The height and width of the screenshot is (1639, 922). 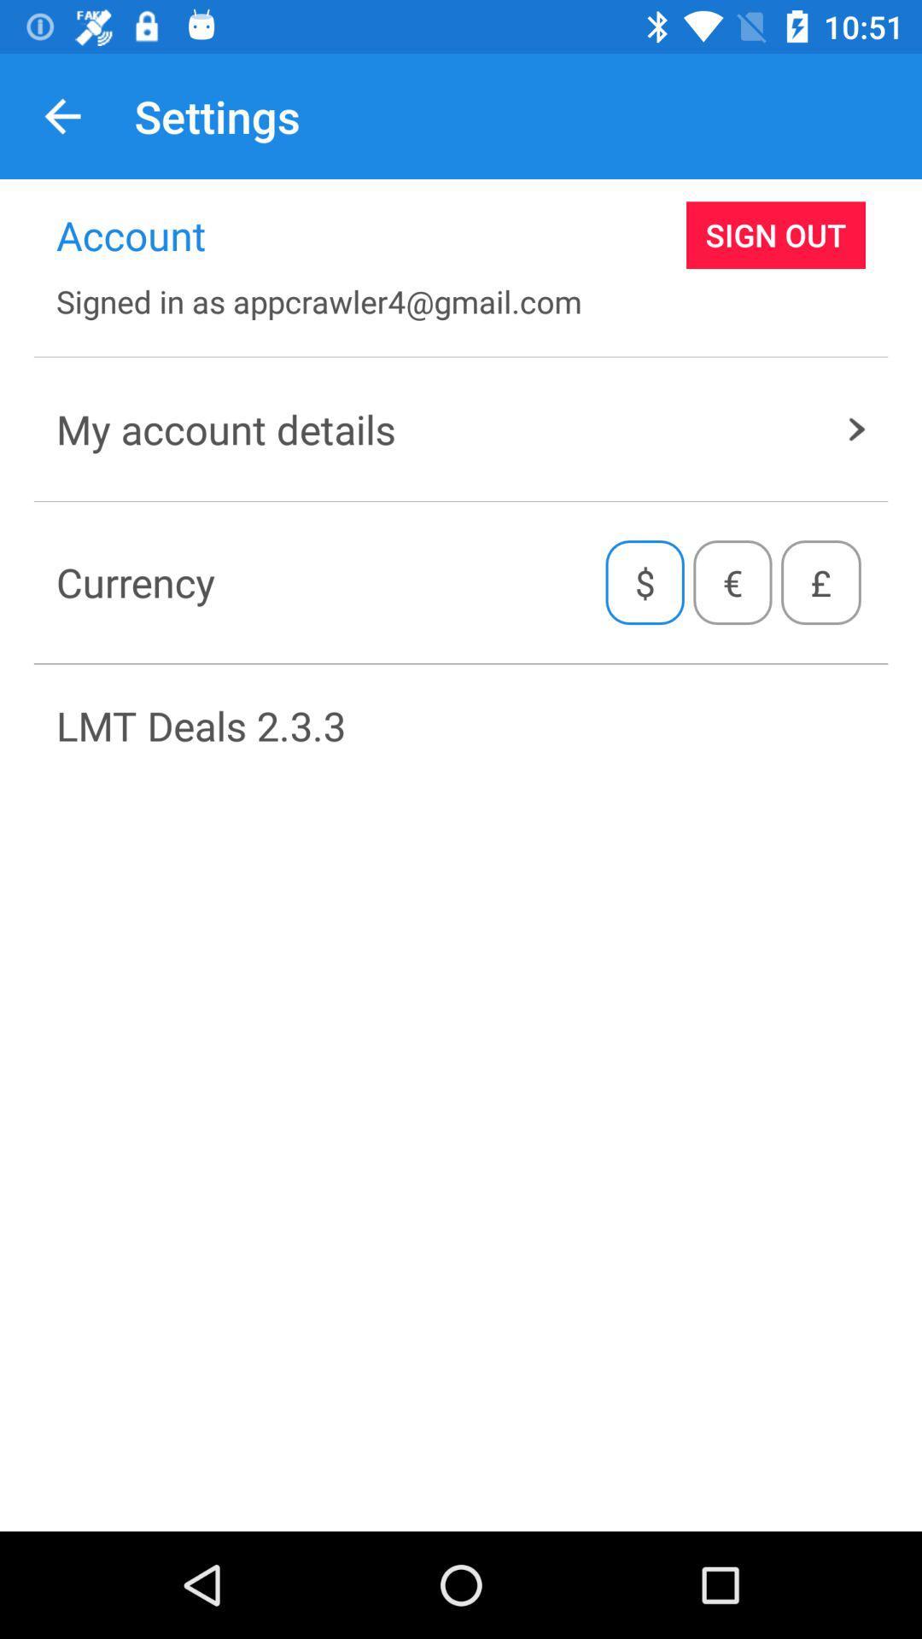 I want to click on the sign out icon, so click(x=776, y=234).